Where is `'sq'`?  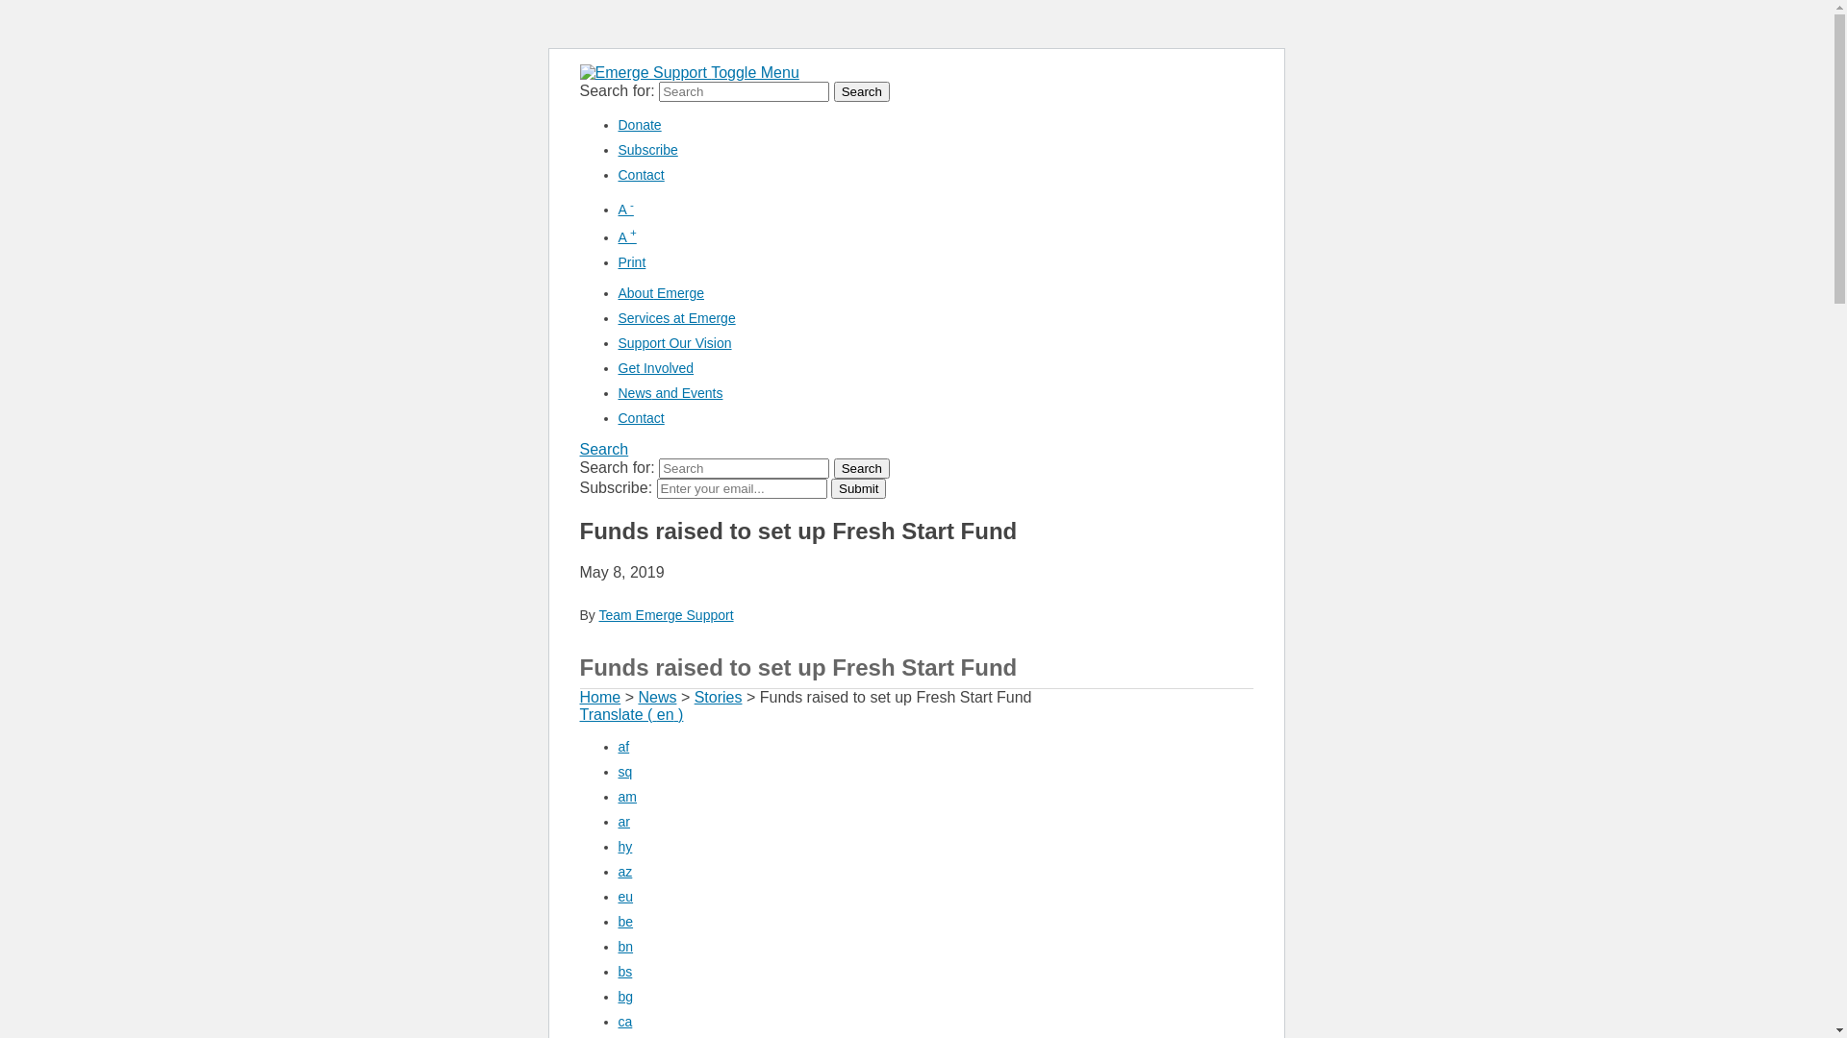
'sq' is located at coordinates (624, 770).